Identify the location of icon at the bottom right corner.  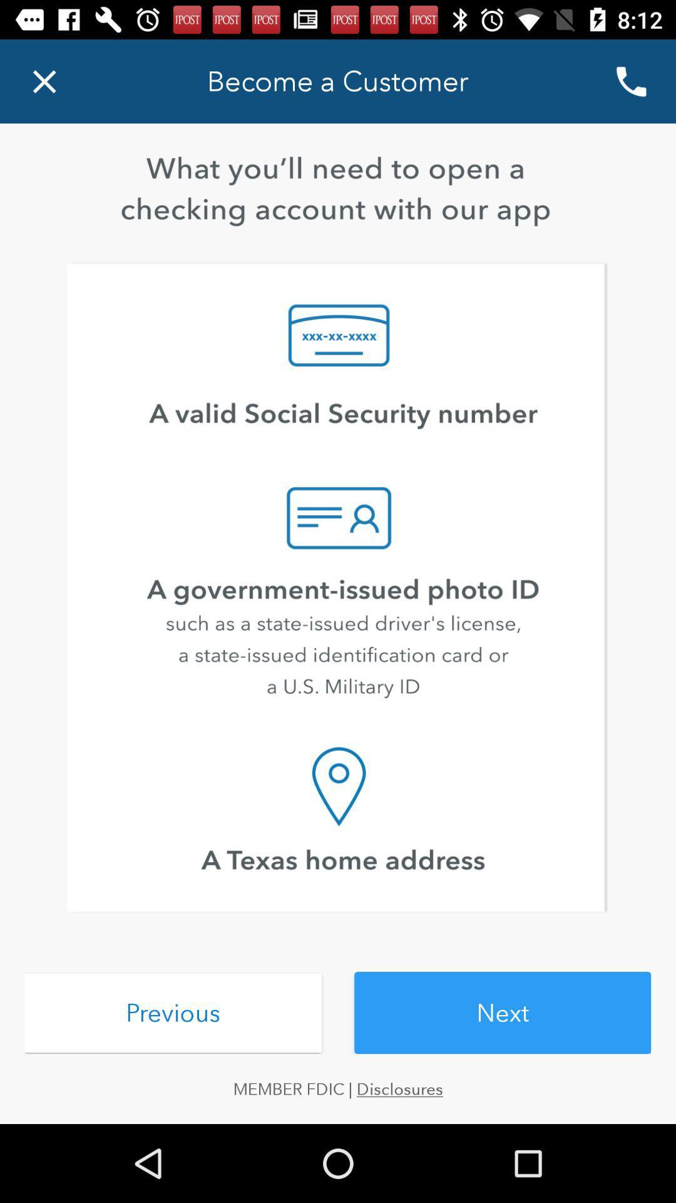
(502, 1013).